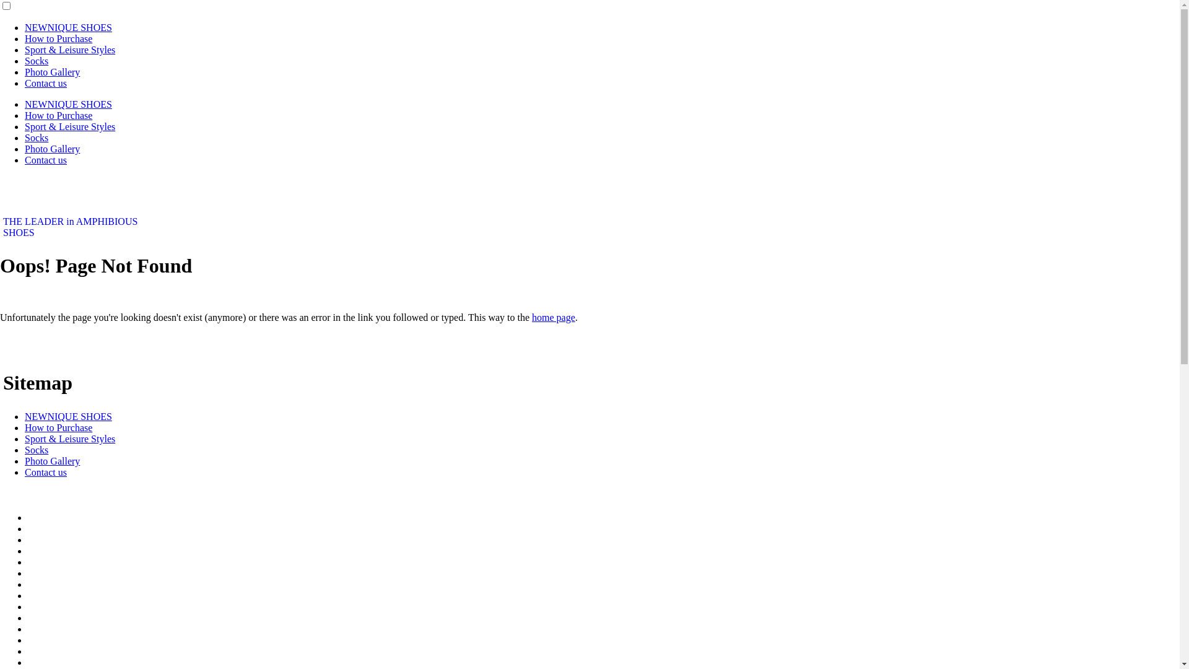 This screenshot has height=669, width=1189. Describe the element at coordinates (36, 450) in the screenshot. I see `'Socks'` at that location.